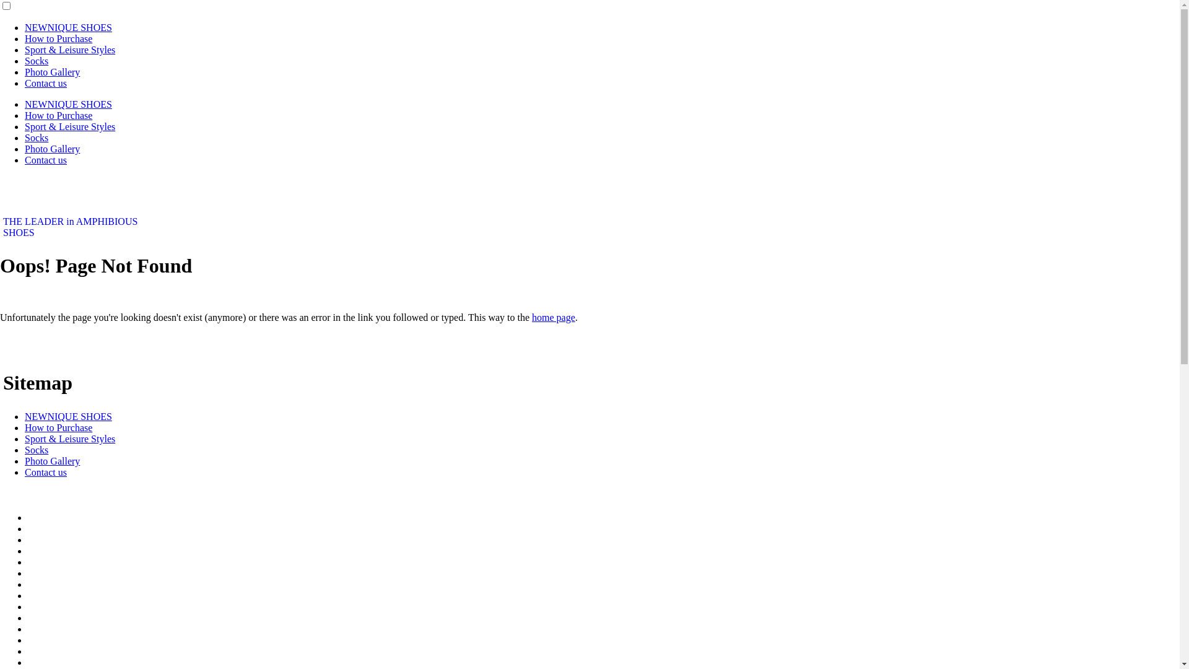 This screenshot has height=669, width=1189. Describe the element at coordinates (36, 450) in the screenshot. I see `'Socks'` at that location.